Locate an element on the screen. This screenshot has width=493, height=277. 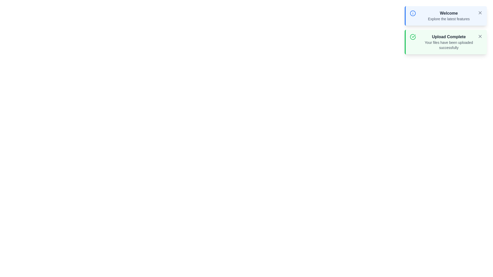
the notification panel to display the notifications is located at coordinates (445, 30).